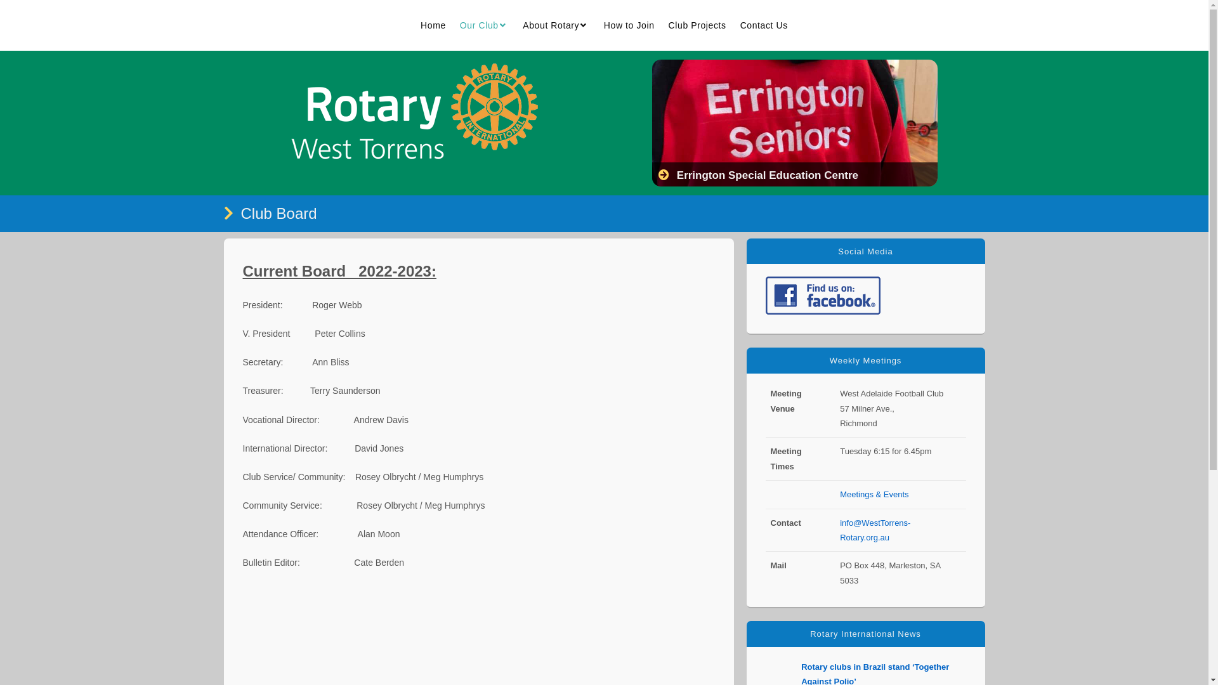  What do you see at coordinates (556, 25) in the screenshot?
I see `'About Rotary'` at bounding box center [556, 25].